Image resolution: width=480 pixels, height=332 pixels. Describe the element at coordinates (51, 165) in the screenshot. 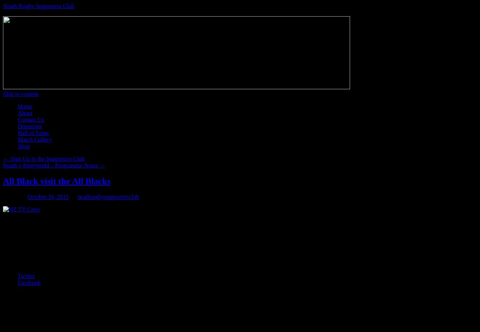

I see `'Neath v Pontypridd – Programme Notes'` at that location.